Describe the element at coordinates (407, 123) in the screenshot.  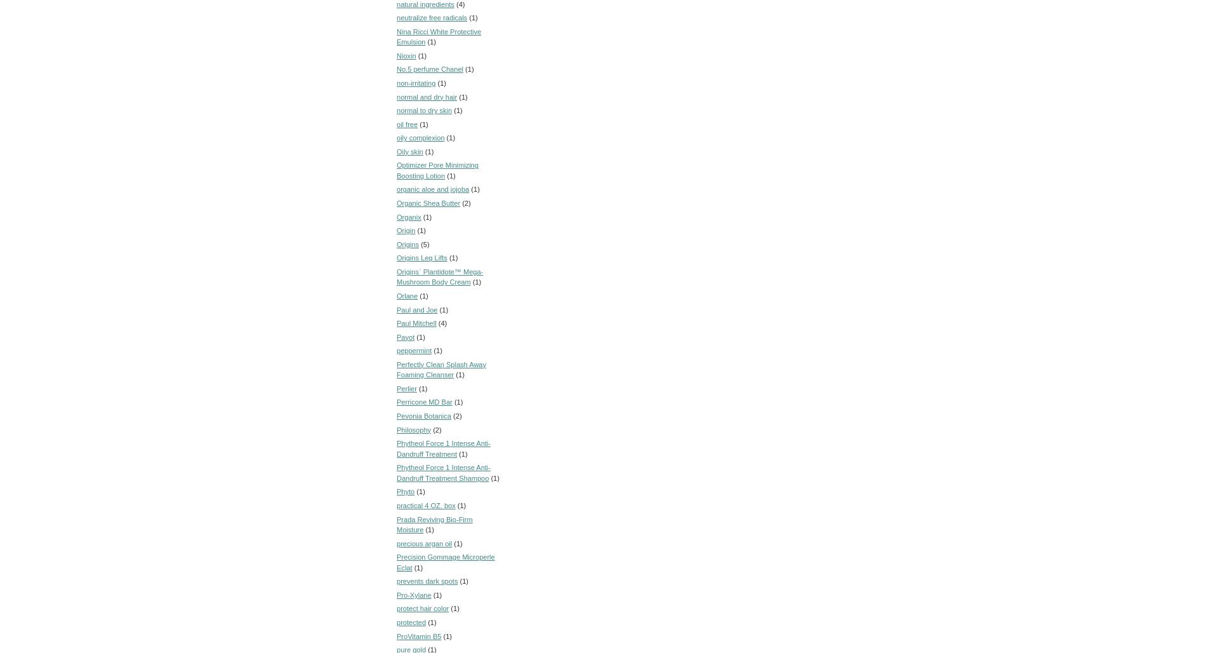
I see `'oil free'` at that location.